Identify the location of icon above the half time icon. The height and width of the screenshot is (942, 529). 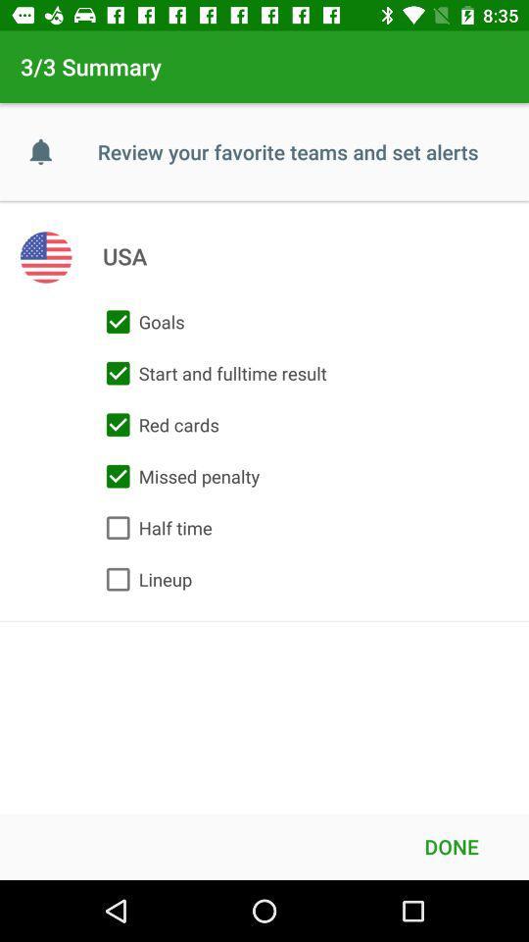
(178, 475).